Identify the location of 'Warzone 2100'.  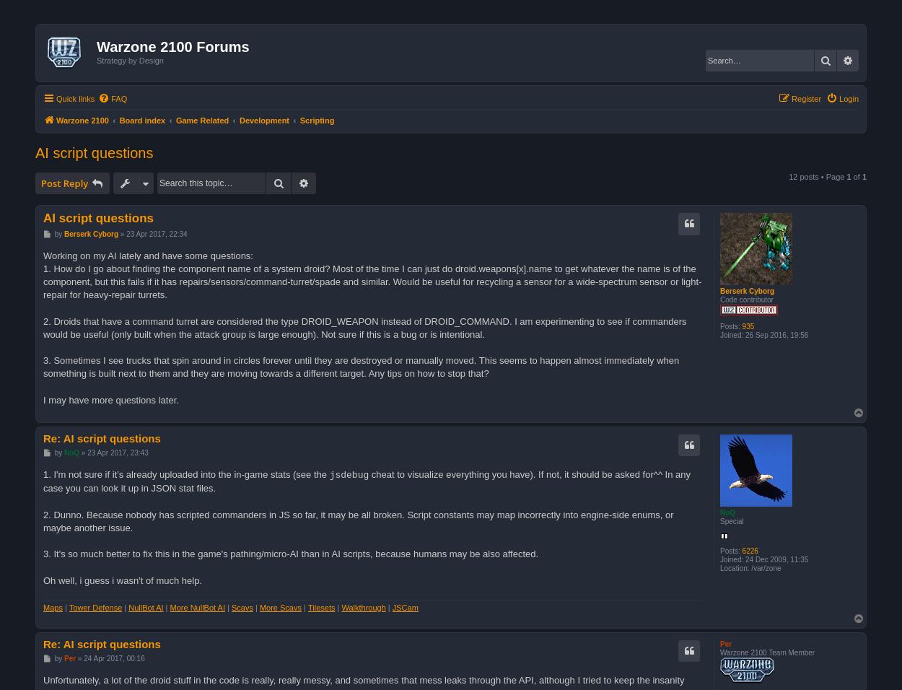
(56, 119).